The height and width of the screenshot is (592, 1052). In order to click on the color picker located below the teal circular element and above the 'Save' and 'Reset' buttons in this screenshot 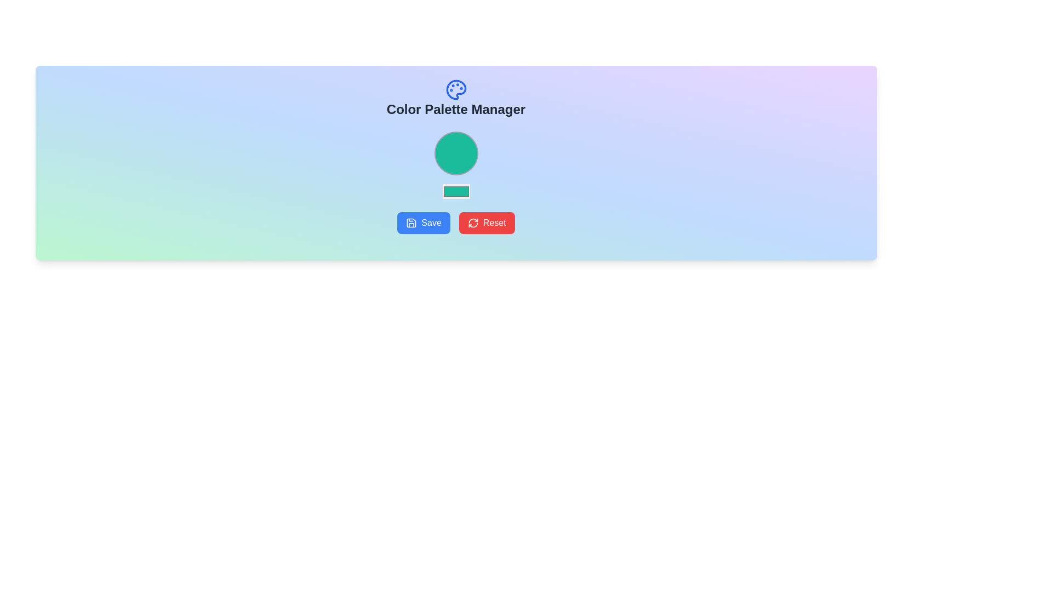, I will do `click(456, 191)`.